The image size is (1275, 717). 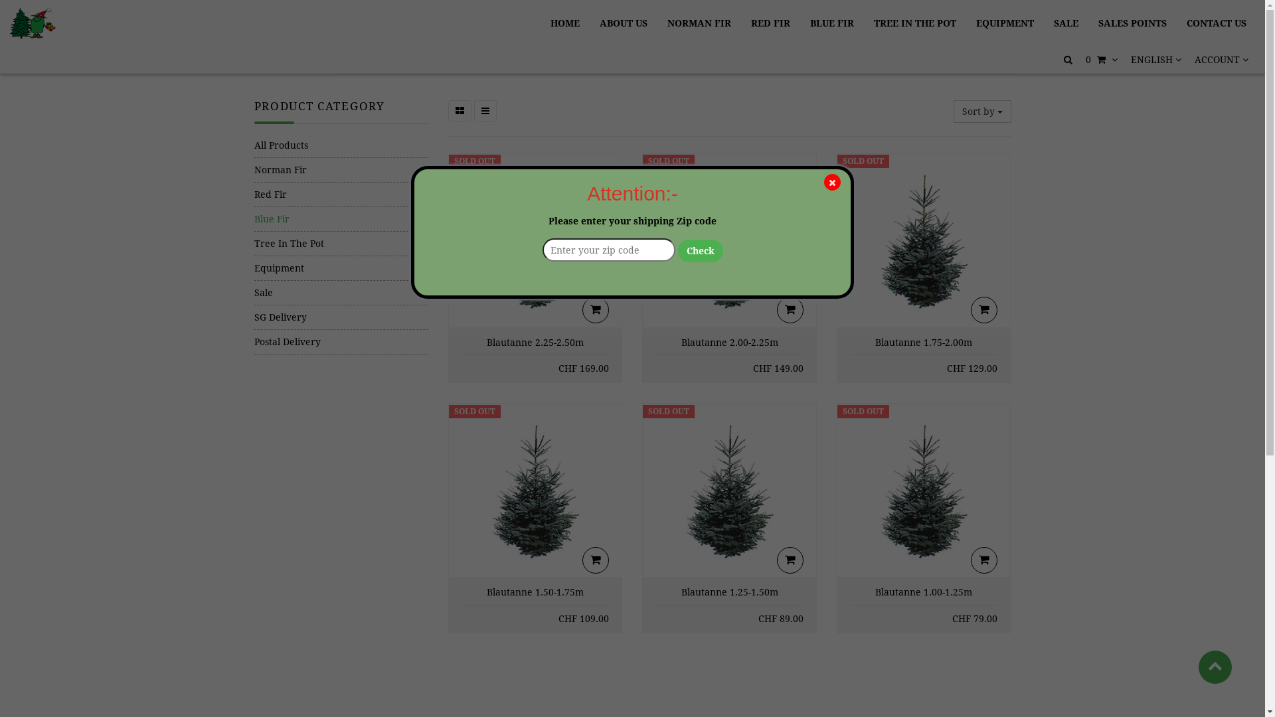 What do you see at coordinates (341, 169) in the screenshot?
I see `'Norman Fir'` at bounding box center [341, 169].